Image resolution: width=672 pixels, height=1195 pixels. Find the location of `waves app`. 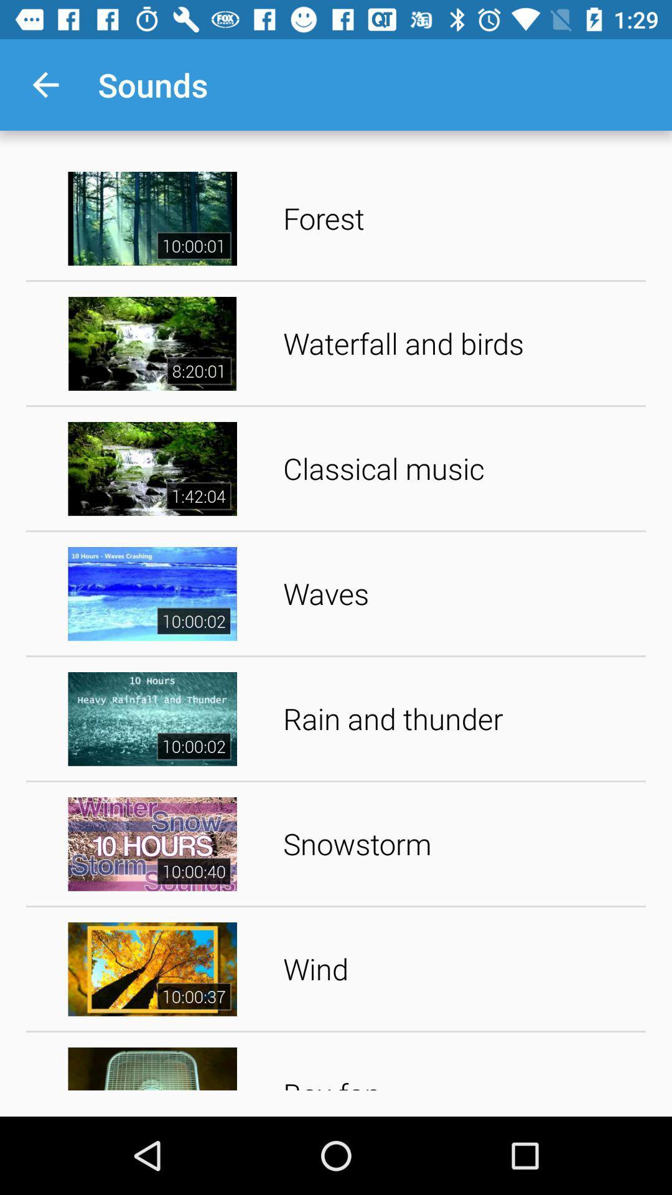

waves app is located at coordinates (460, 593).